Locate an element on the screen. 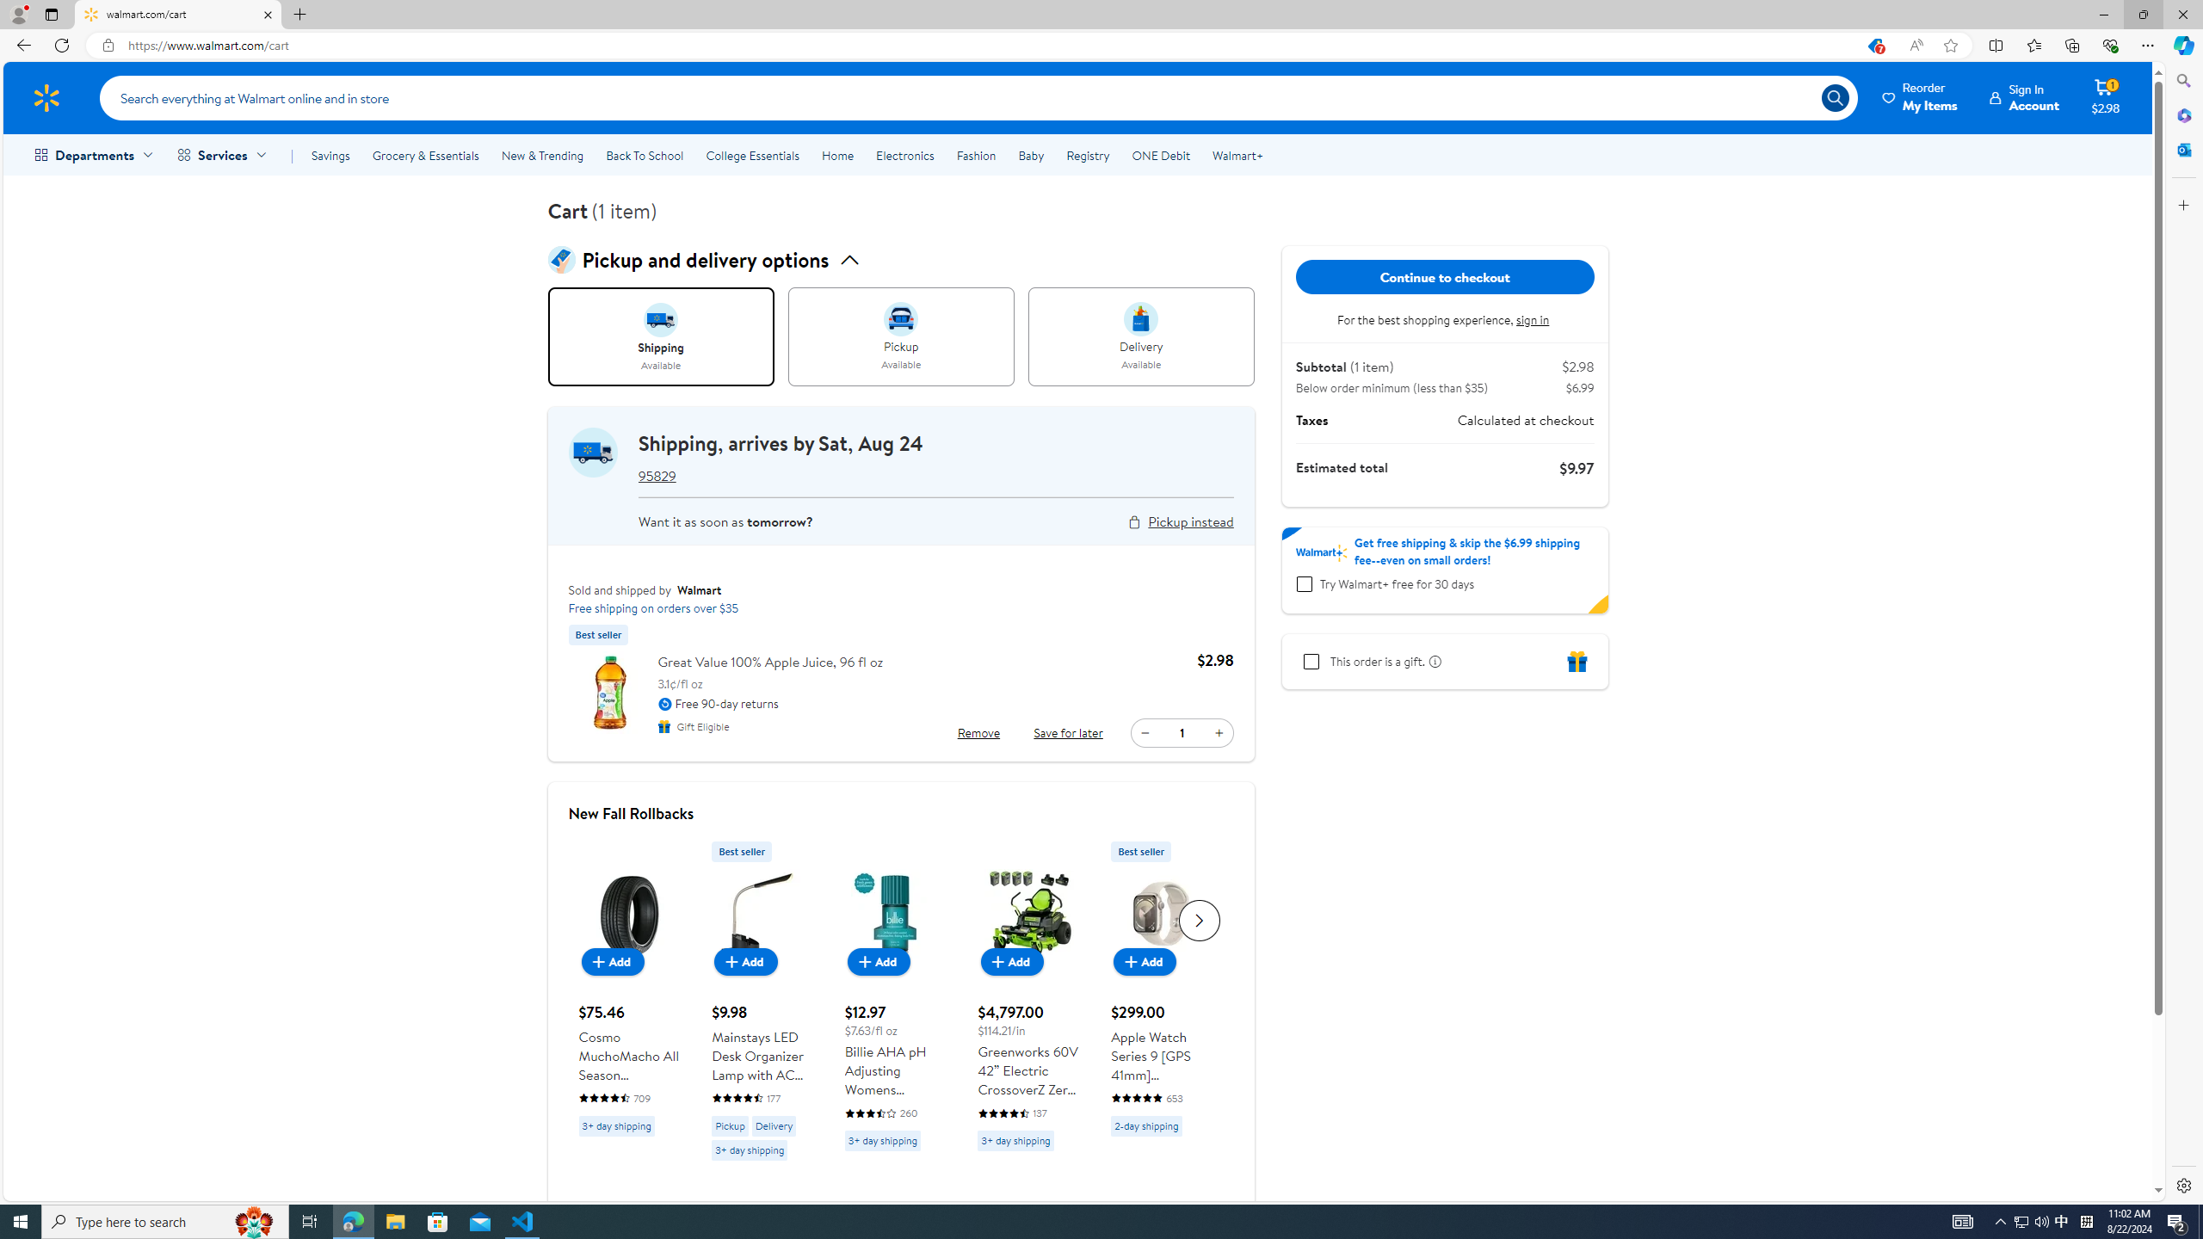 The height and width of the screenshot is (1239, 2203). 'Reorder My Items' is located at coordinates (1920, 96).